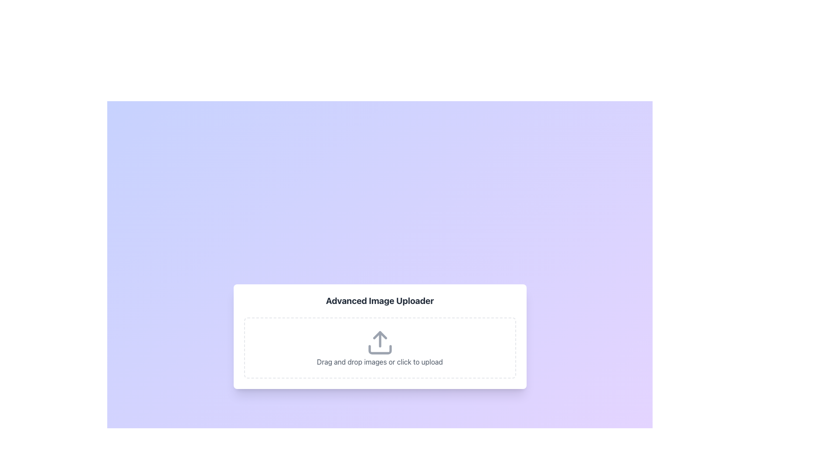 The image size is (837, 471). Describe the element at coordinates (380, 348) in the screenshot. I see `and drop files into the File Upload Area located below the title 'Advanced Image Uploader'` at that location.